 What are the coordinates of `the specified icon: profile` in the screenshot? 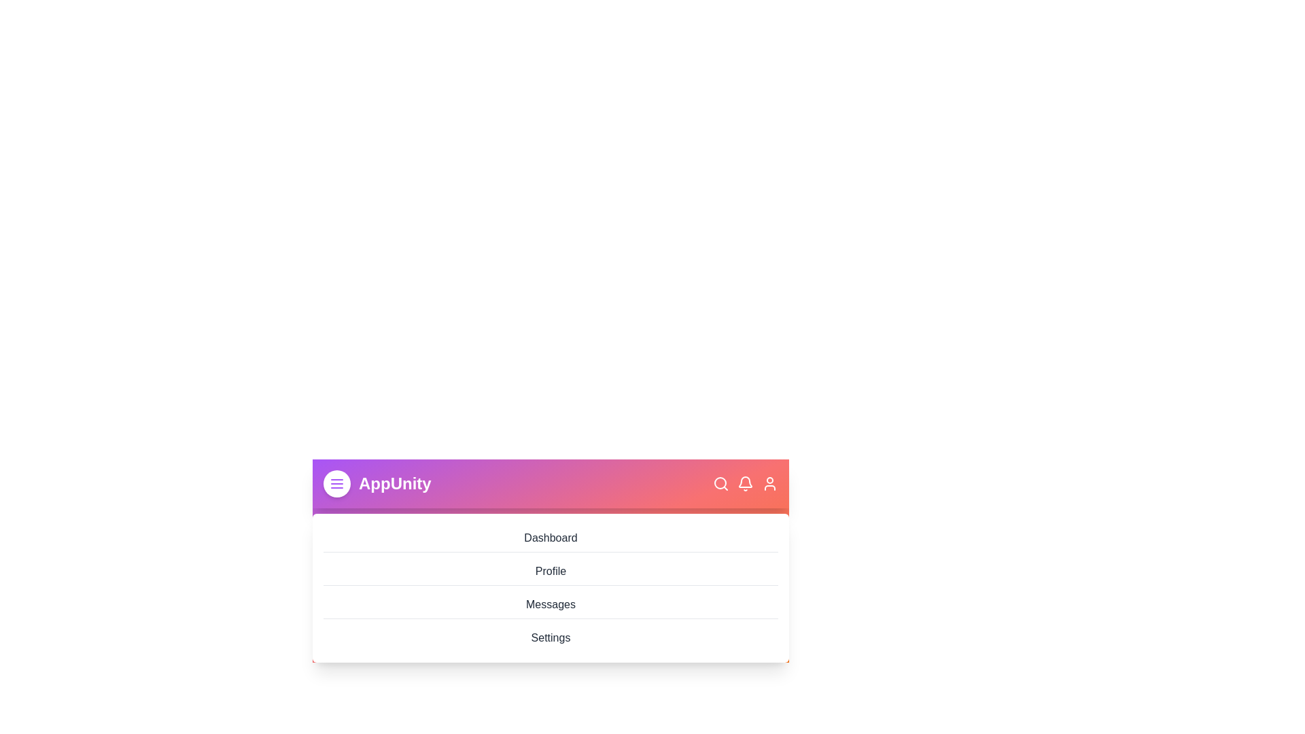 It's located at (769, 483).